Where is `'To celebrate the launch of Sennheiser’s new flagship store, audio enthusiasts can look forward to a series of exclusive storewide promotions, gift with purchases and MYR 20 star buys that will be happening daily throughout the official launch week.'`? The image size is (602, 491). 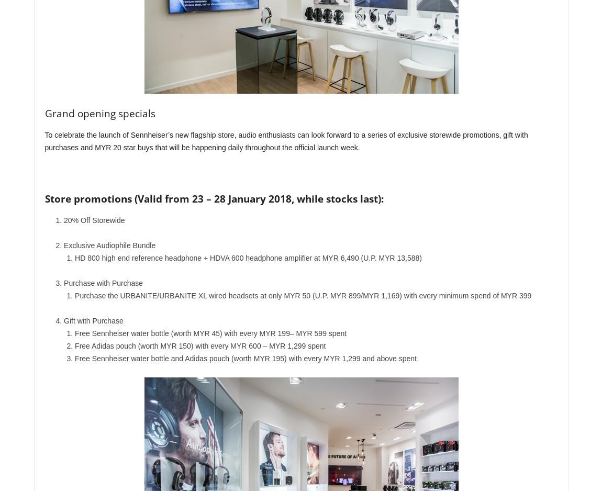
'To celebrate the launch of Sennheiser’s new flagship store, audio enthusiasts can look forward to a series of exclusive storewide promotions, gift with purchases and MYR 20 star buys that will be happening daily throughout the official launch week.' is located at coordinates (286, 141).